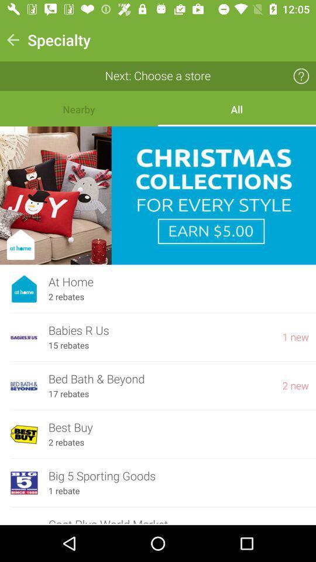 This screenshot has width=316, height=562. I want to click on the icon below 15 rebates icon, so click(159, 379).